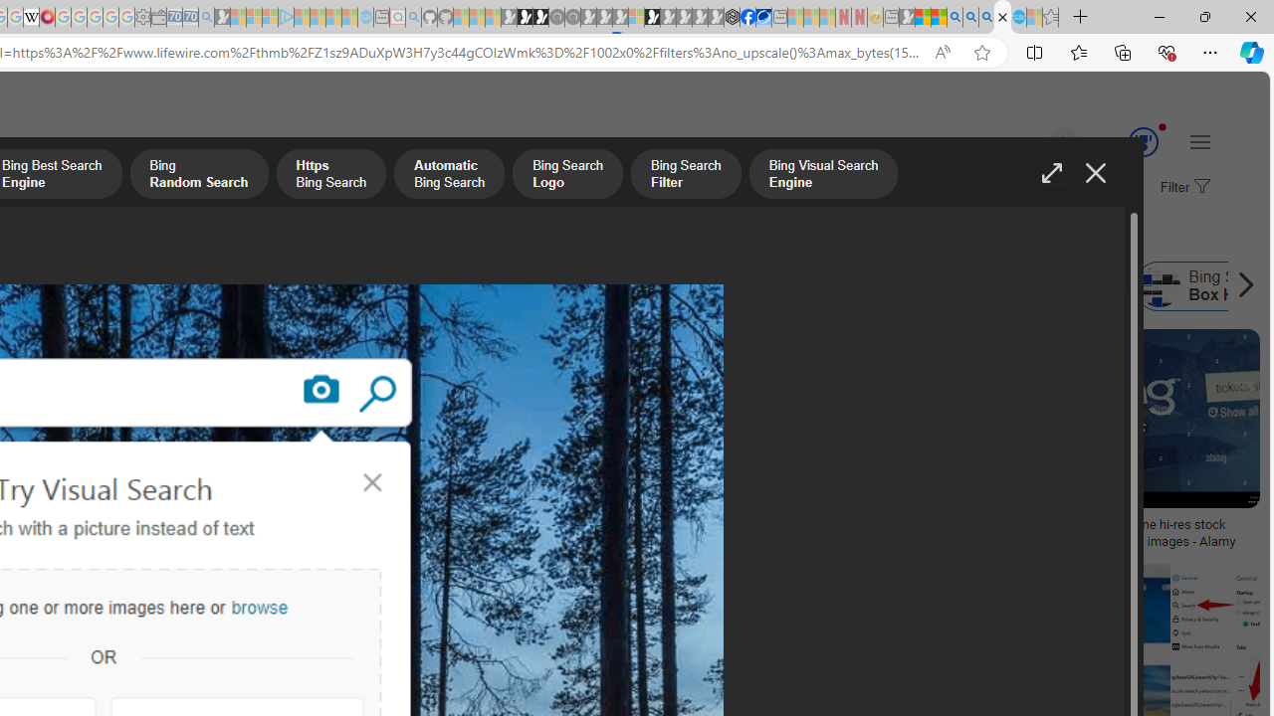 The width and height of the screenshot is (1274, 716). I want to click on 'Full screen', so click(1050, 172).